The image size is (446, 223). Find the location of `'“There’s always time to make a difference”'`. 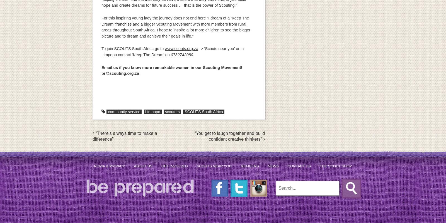

'“There’s always time to make a difference”' is located at coordinates (124, 136).